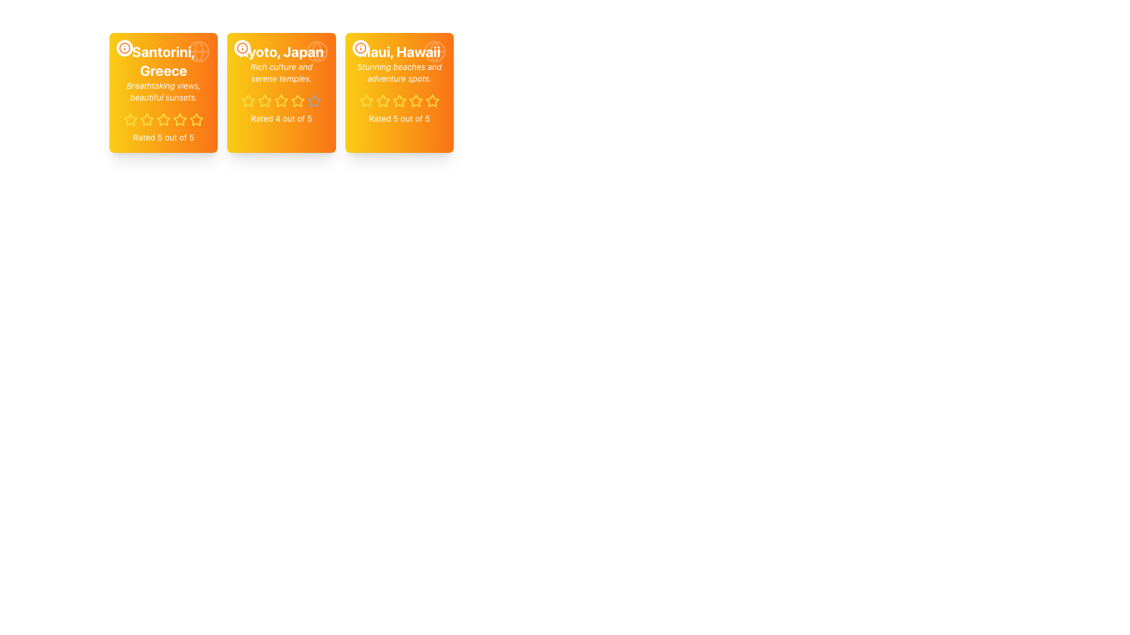 This screenshot has width=1130, height=635. What do you see at coordinates (399, 63) in the screenshot?
I see `text content of the Text Block displaying 'Maui, Hawaii' and 'Stunning beaches and adventure spots.' which is located in the third card from the left, centered within an orange-yellow gradient background` at bounding box center [399, 63].